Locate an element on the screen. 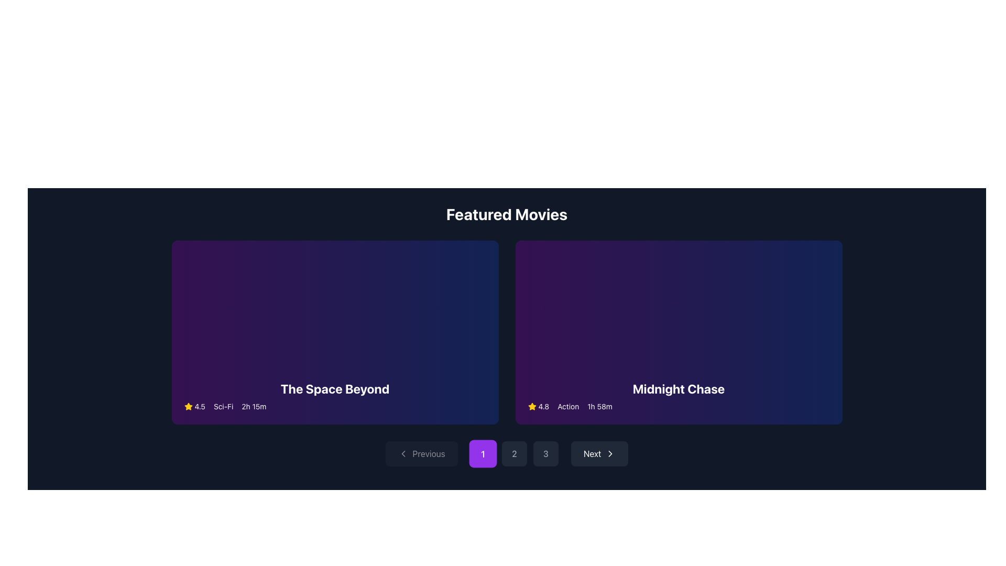 Image resolution: width=1006 pixels, height=566 pixels. displayed text '1h 58m' from the Text Label indicating the duration of the movie in the details section of the second movie card 'Midnight Chase' is located at coordinates (600, 406).